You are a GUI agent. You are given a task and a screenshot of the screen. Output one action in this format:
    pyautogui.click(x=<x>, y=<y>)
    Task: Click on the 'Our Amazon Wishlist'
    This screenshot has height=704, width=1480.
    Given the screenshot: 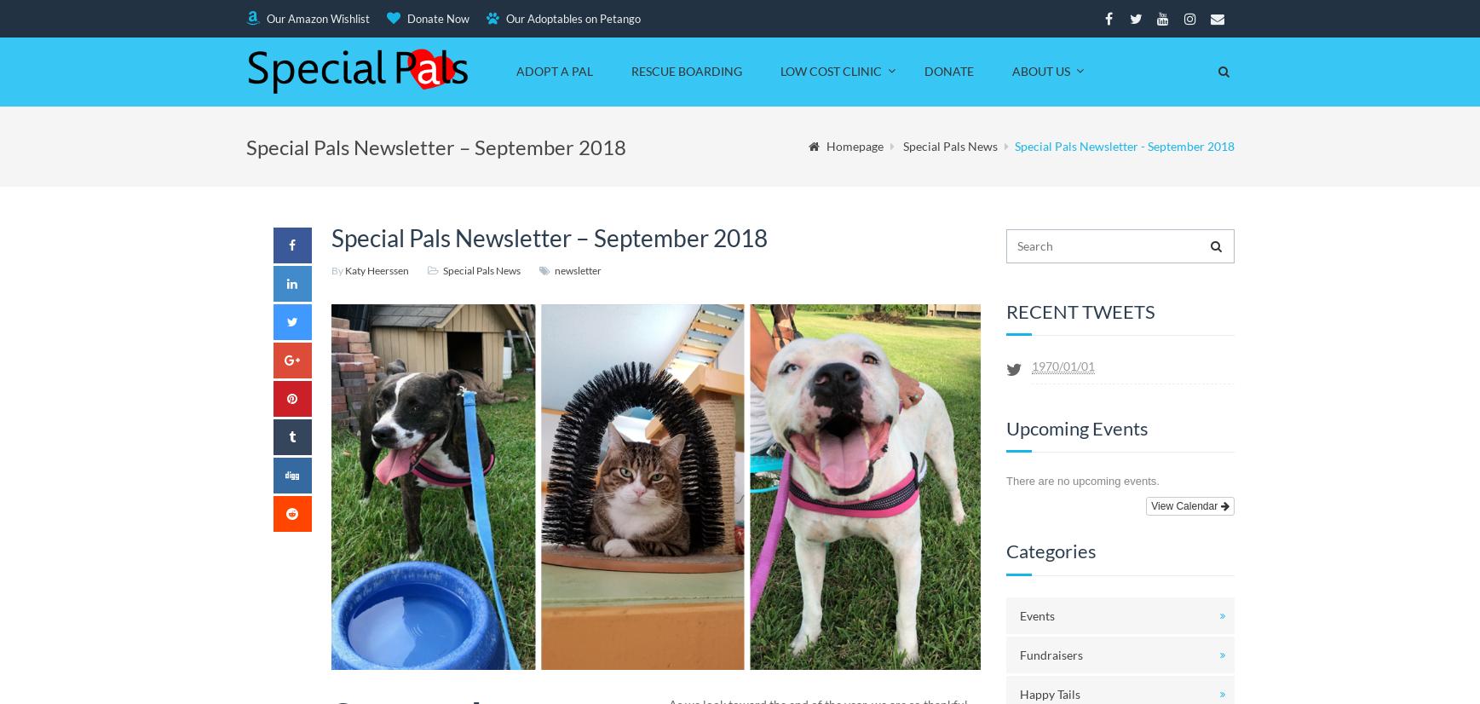 What is the action you would take?
    pyautogui.click(x=315, y=18)
    